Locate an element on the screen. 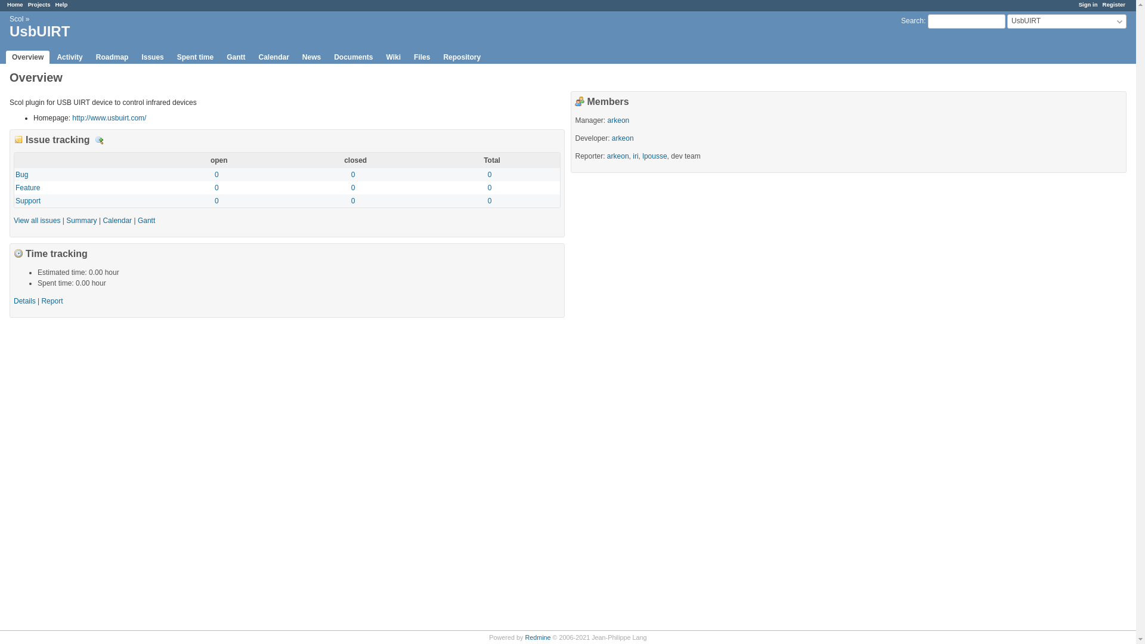 Image resolution: width=1145 pixels, height=644 pixels. 'Register' is located at coordinates (1101, 4).